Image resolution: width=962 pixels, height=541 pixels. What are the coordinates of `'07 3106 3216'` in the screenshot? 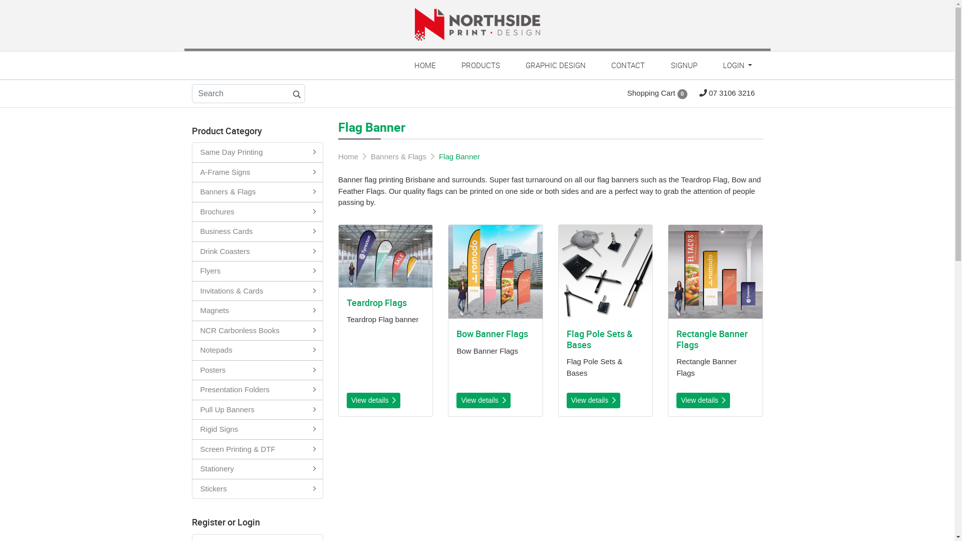 It's located at (727, 93).